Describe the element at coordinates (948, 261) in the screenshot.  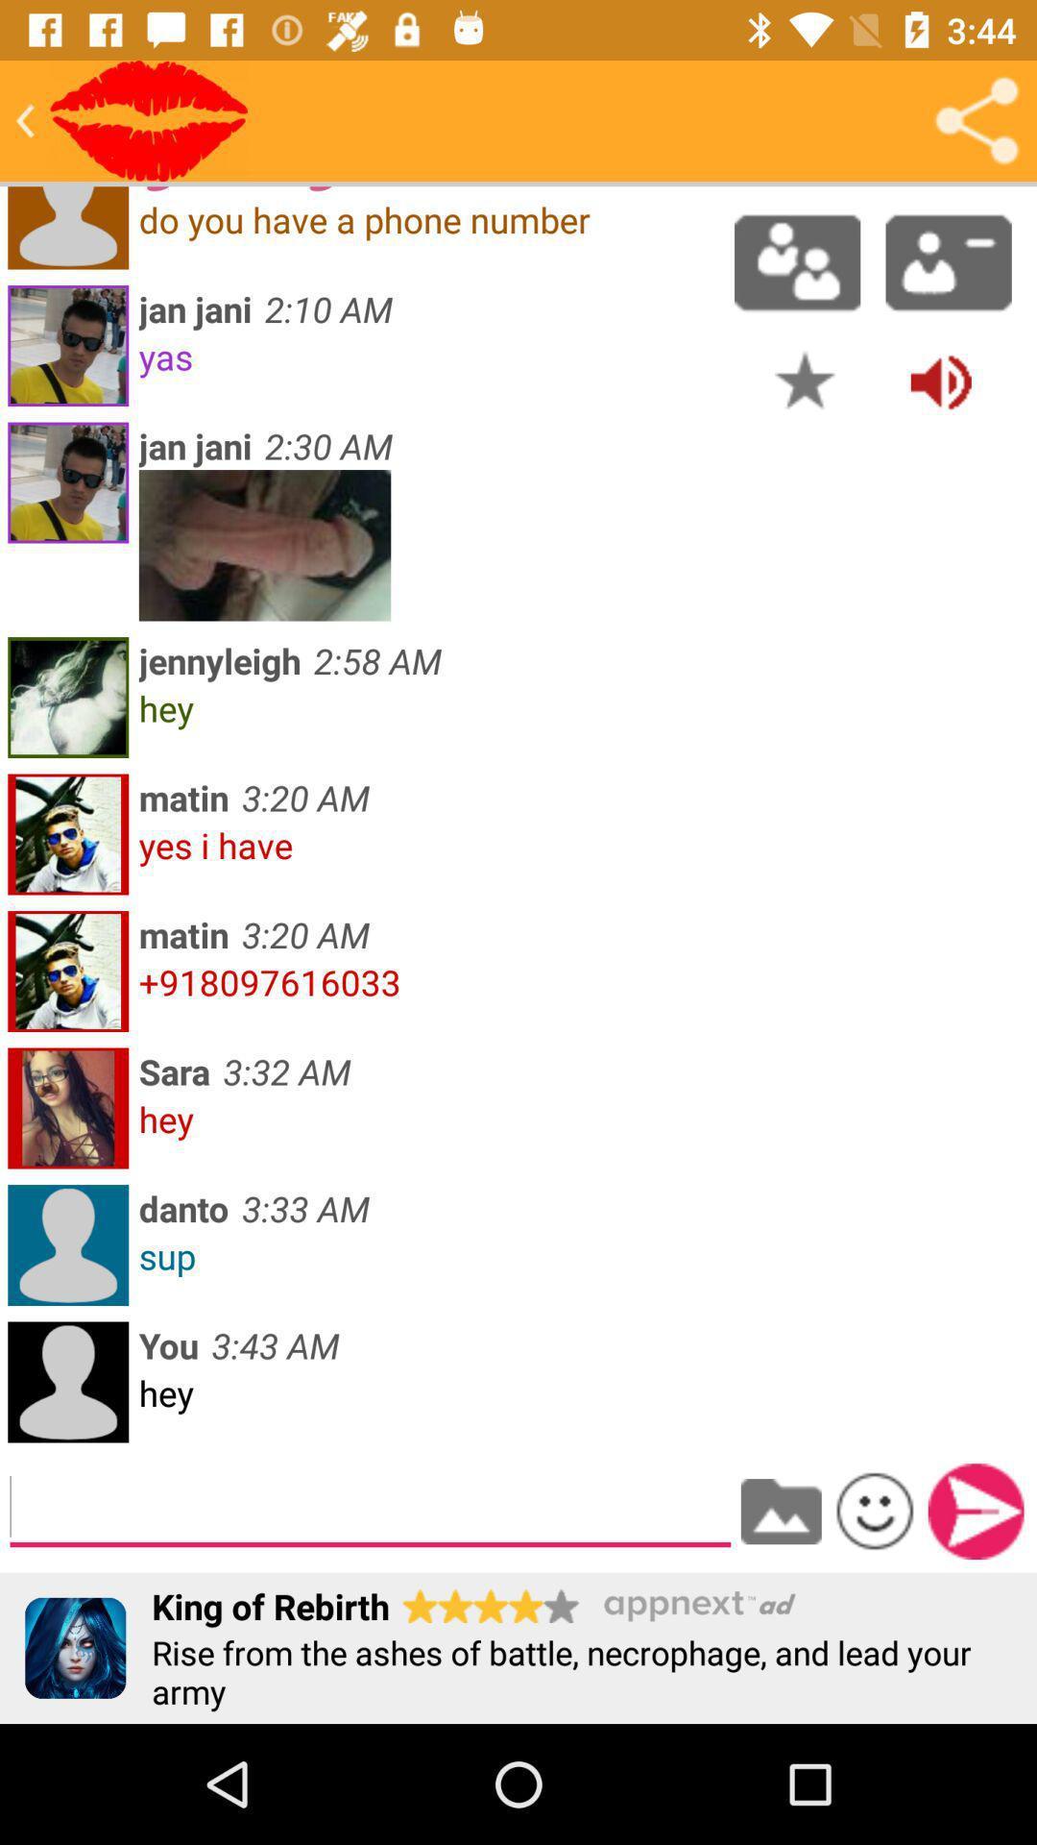
I see `lose group chat member` at that location.